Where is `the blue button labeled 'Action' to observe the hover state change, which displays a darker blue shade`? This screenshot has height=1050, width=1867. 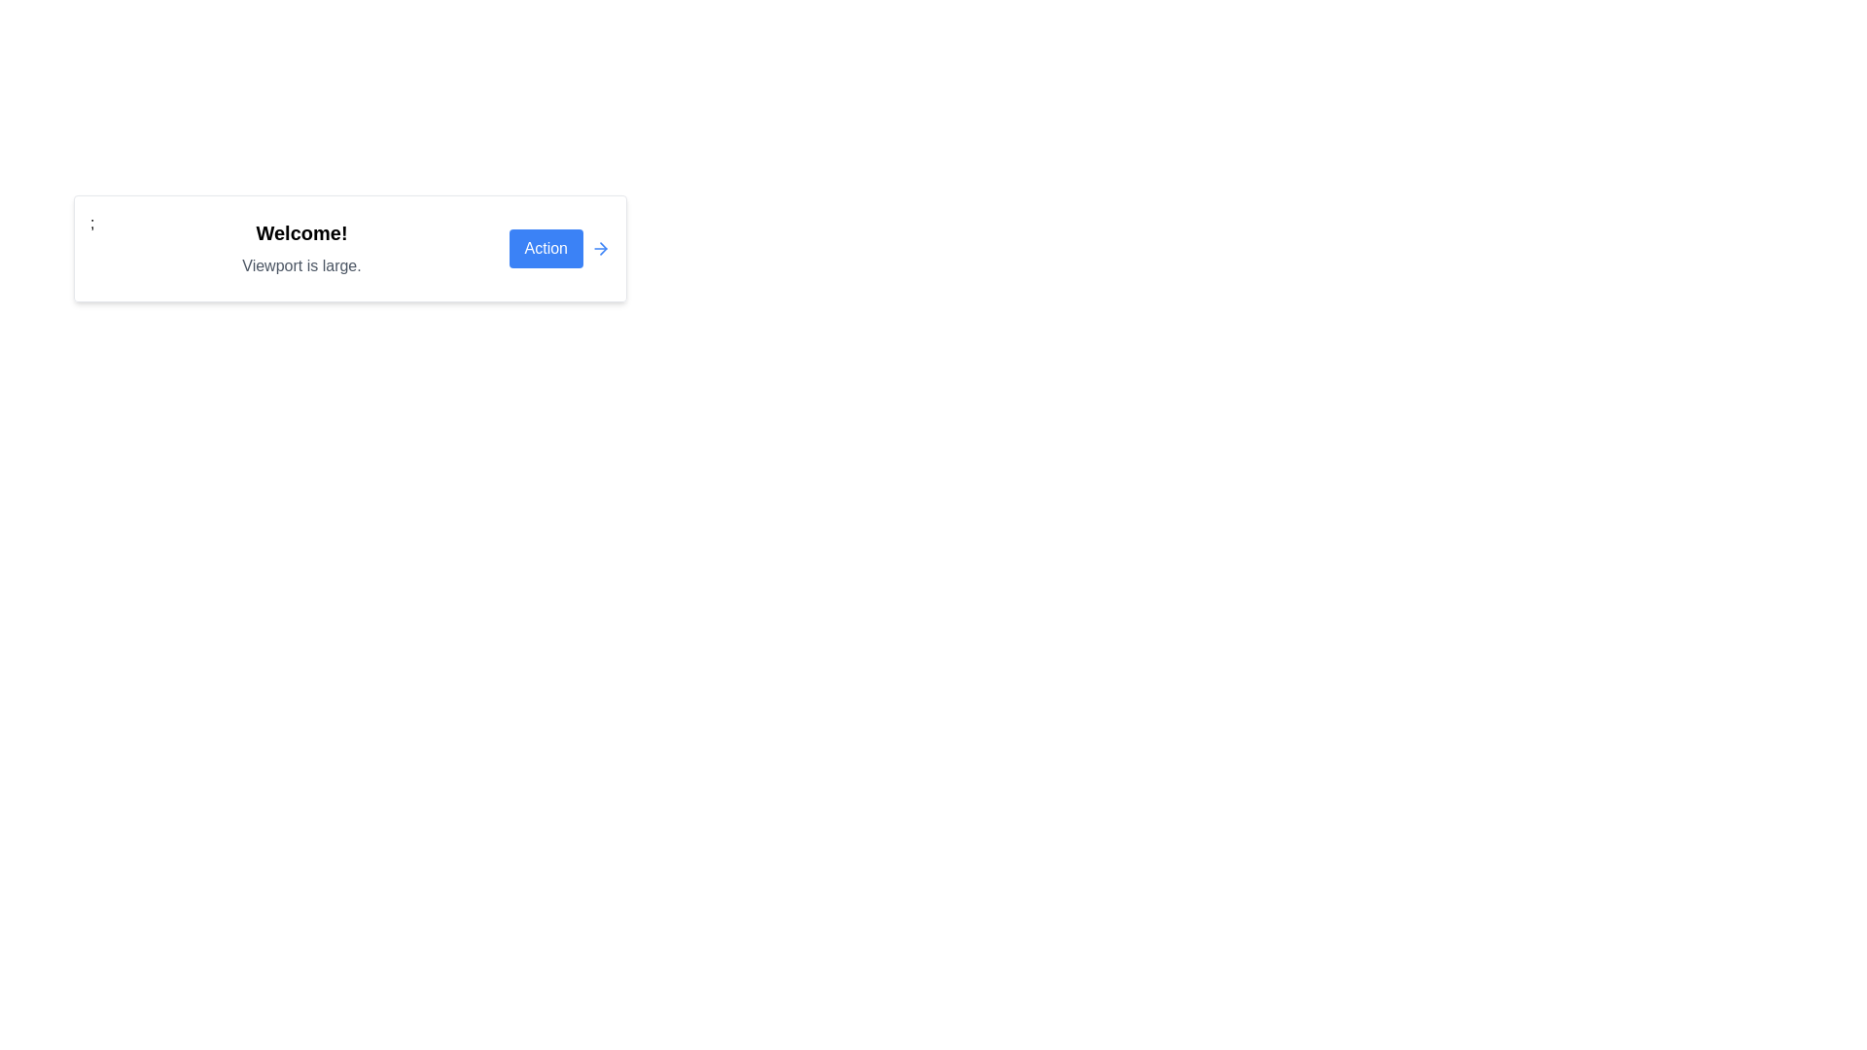
the blue button labeled 'Action' to observe the hover state change, which displays a darker blue shade is located at coordinates (558, 247).